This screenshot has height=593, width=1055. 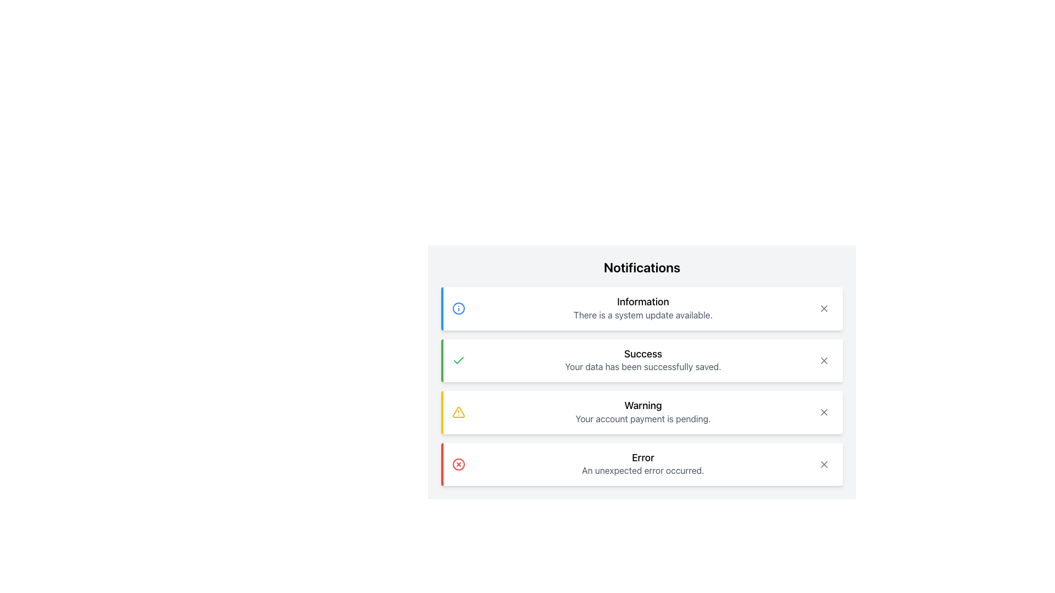 What do you see at coordinates (643, 469) in the screenshot?
I see `the text label displaying 'An unexpected error occurred.' which is located in the bottom-most notification card, directly below the title 'Error'` at bounding box center [643, 469].